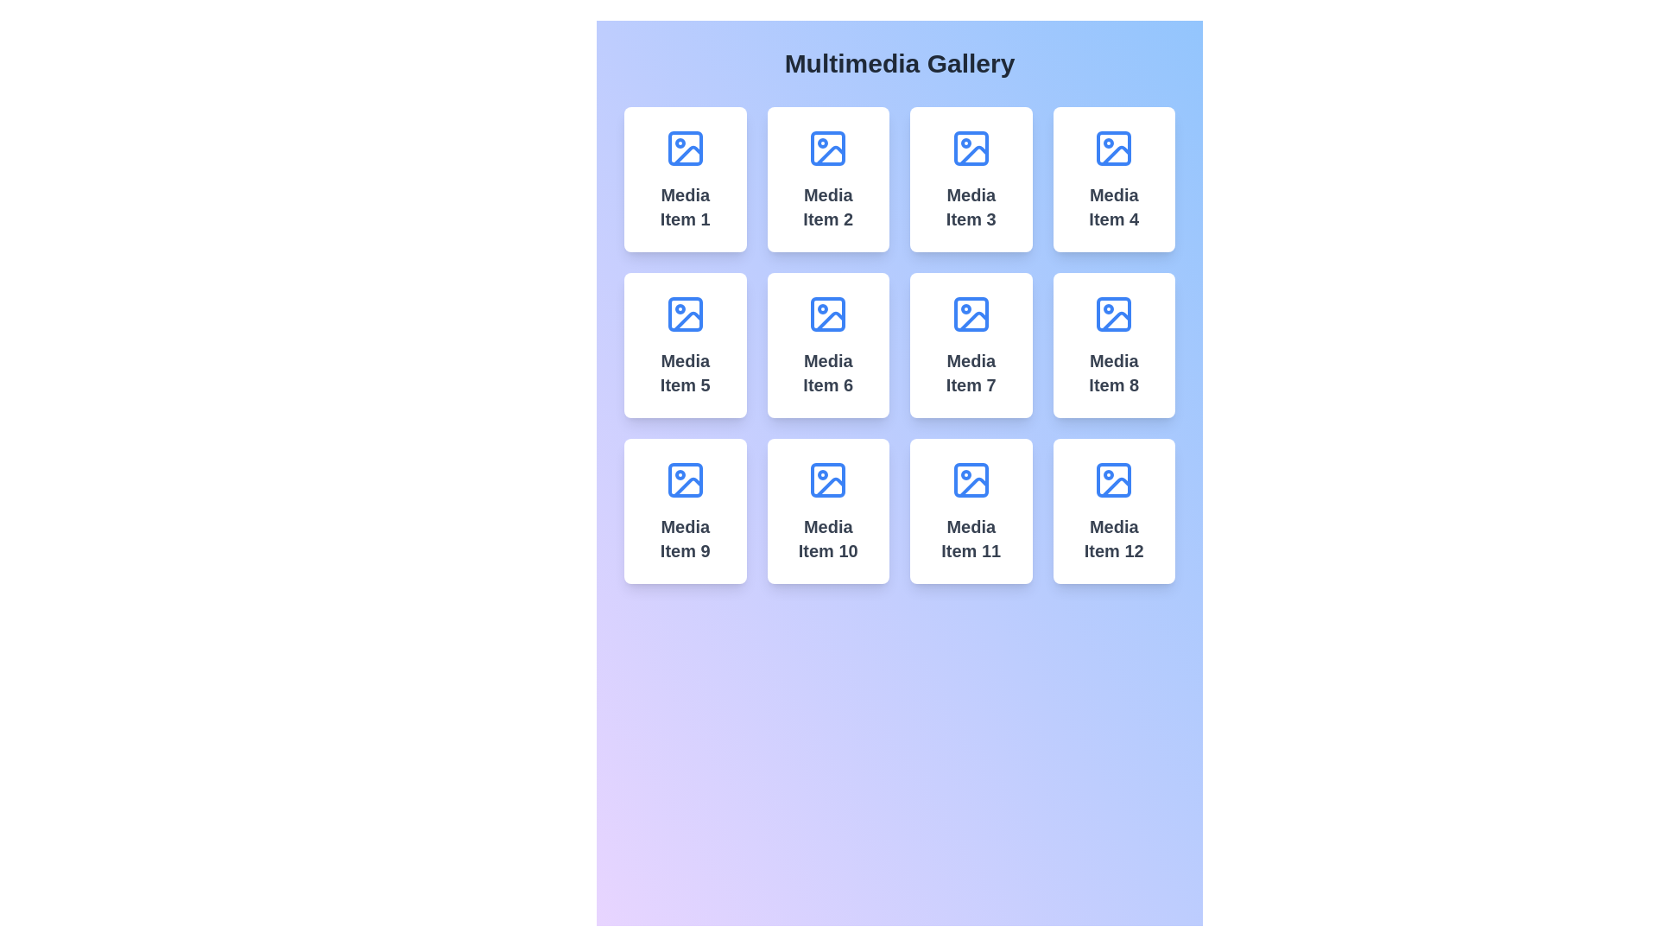  I want to click on the media tile displaying 'Media Item 11' in the fourth row and third column of the multimedia gallery, so click(971, 510).